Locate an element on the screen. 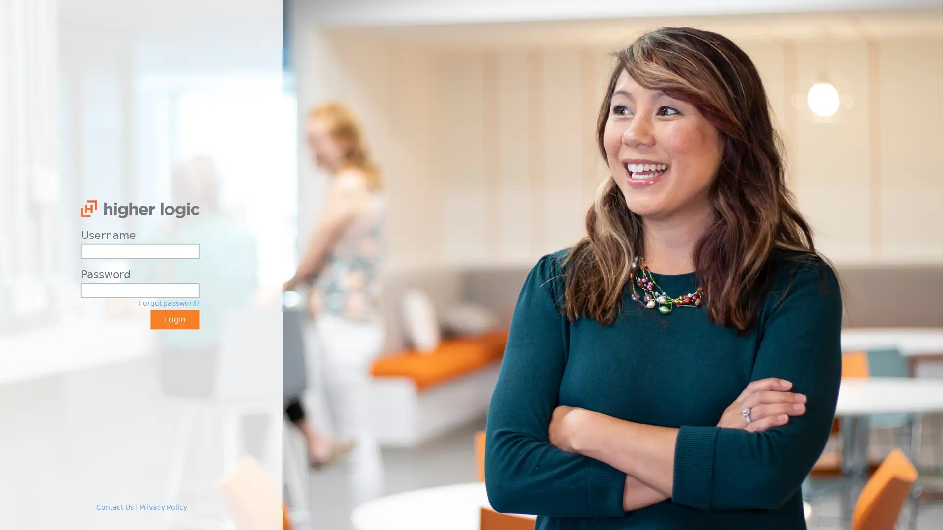 Image resolution: width=943 pixels, height=530 pixels. Login is located at coordinates (174, 319).